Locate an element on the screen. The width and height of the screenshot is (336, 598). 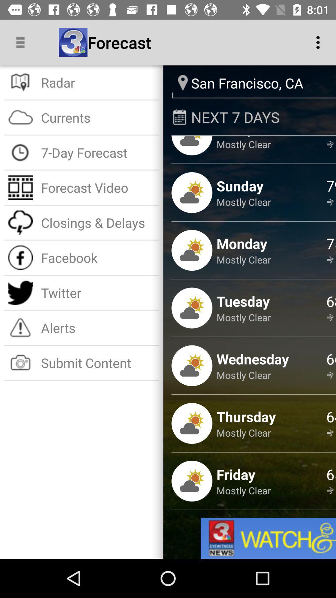
icon above submit content item is located at coordinates (98, 327).